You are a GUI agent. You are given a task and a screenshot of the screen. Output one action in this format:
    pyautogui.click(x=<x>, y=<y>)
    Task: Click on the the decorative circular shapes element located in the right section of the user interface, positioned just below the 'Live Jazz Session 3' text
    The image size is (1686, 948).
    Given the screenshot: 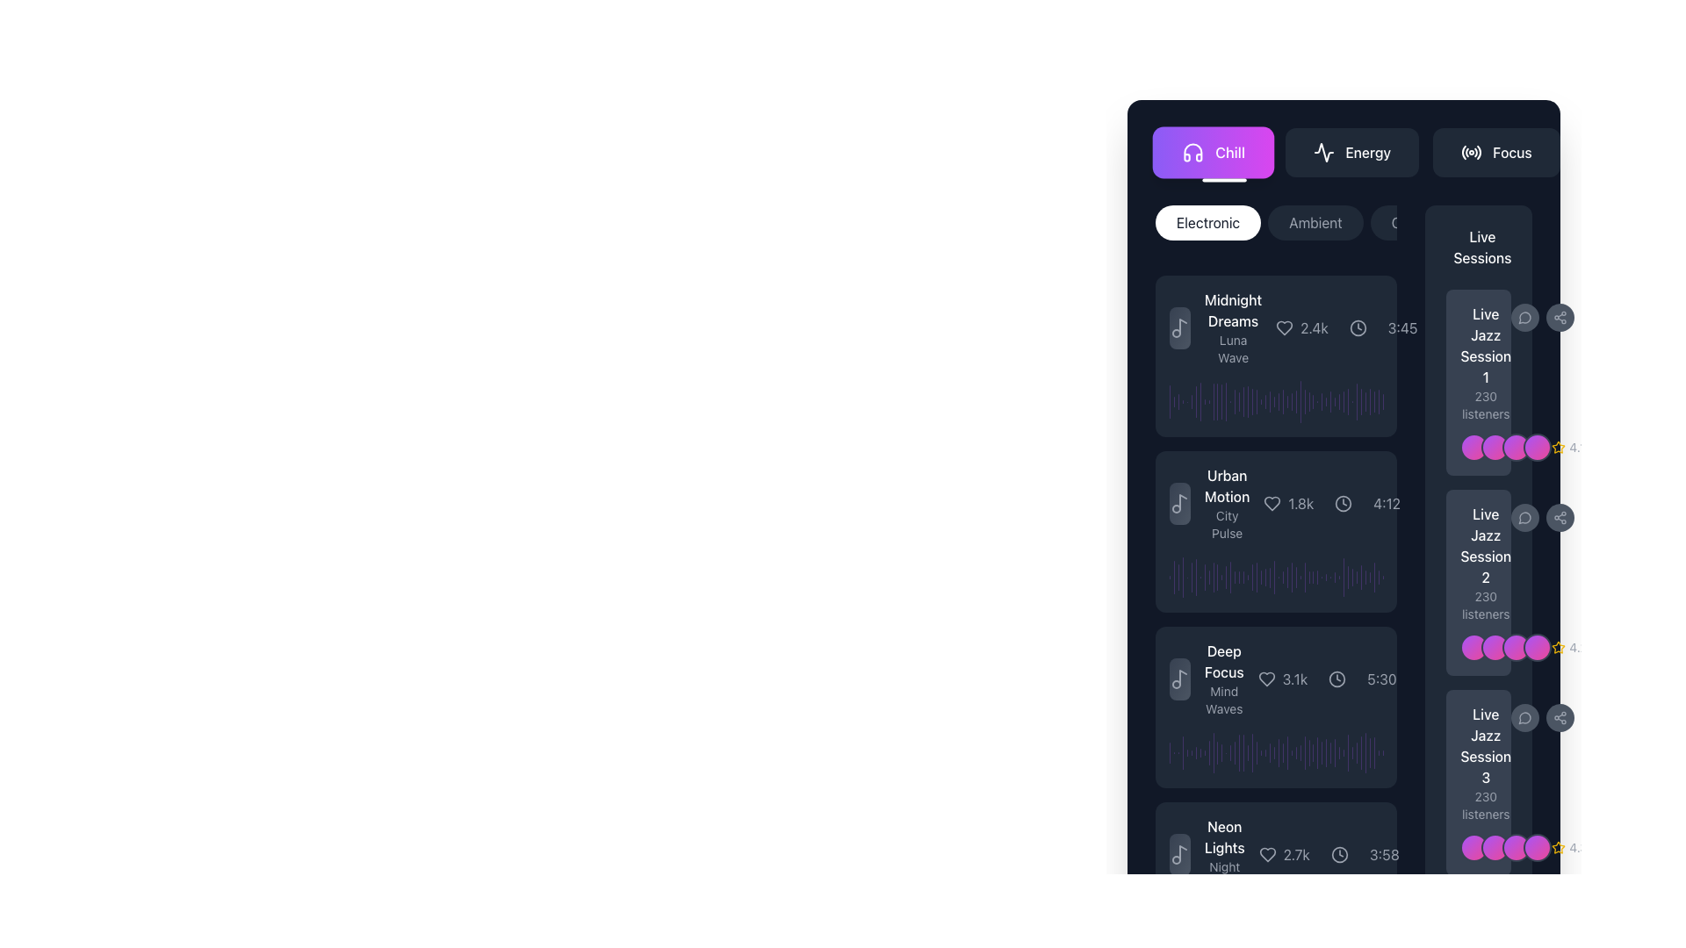 What is the action you would take?
    pyautogui.click(x=1505, y=846)
    